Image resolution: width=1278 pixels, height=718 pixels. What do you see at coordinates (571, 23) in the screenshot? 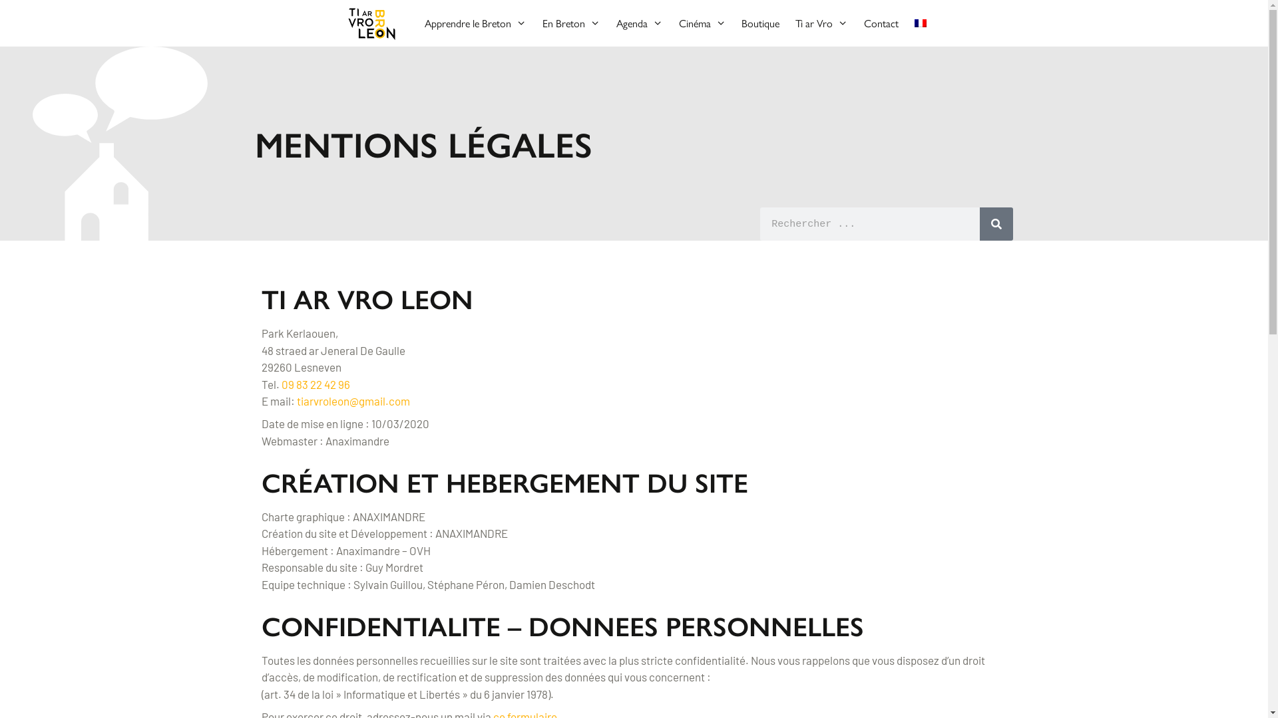
I see `'En Breton'` at bounding box center [571, 23].